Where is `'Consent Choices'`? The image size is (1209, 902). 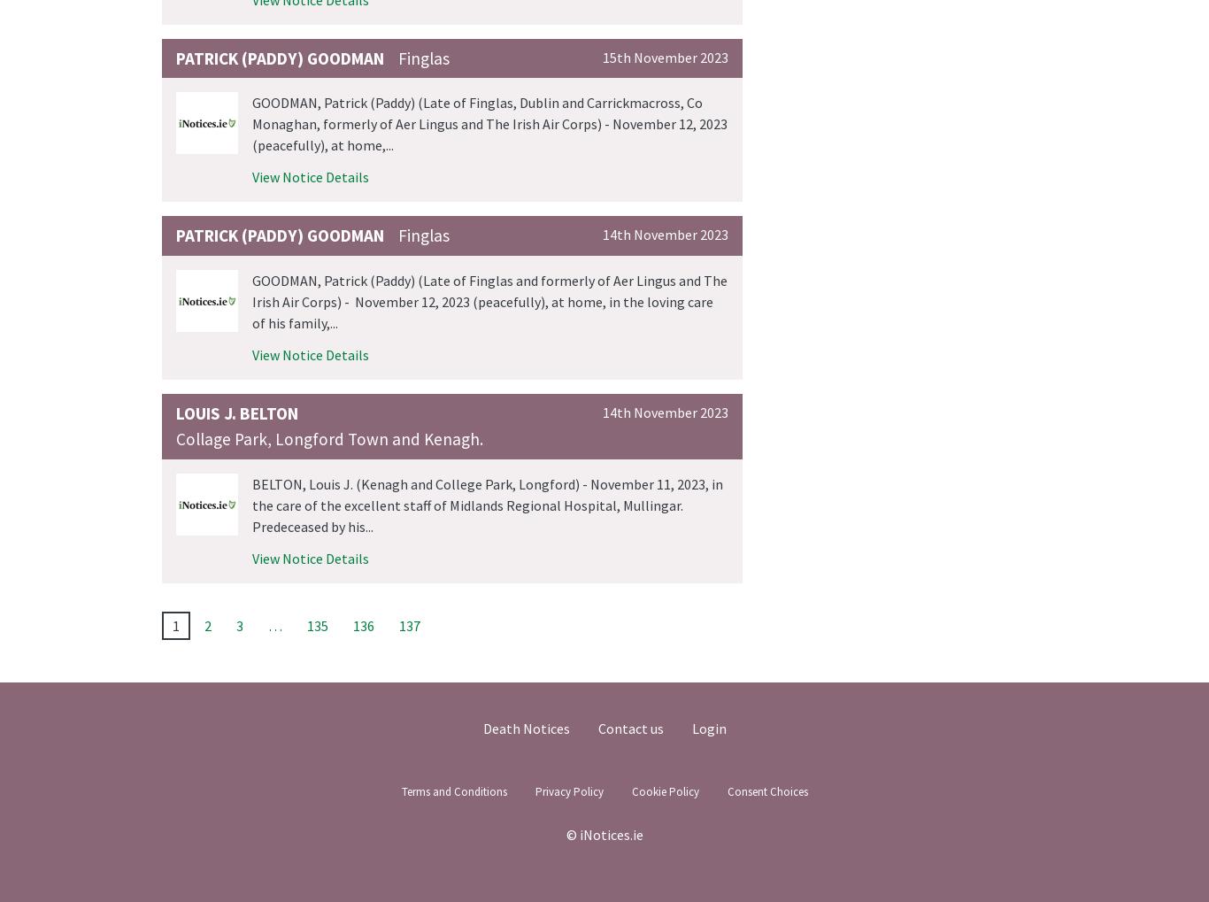 'Consent Choices' is located at coordinates (766, 790).